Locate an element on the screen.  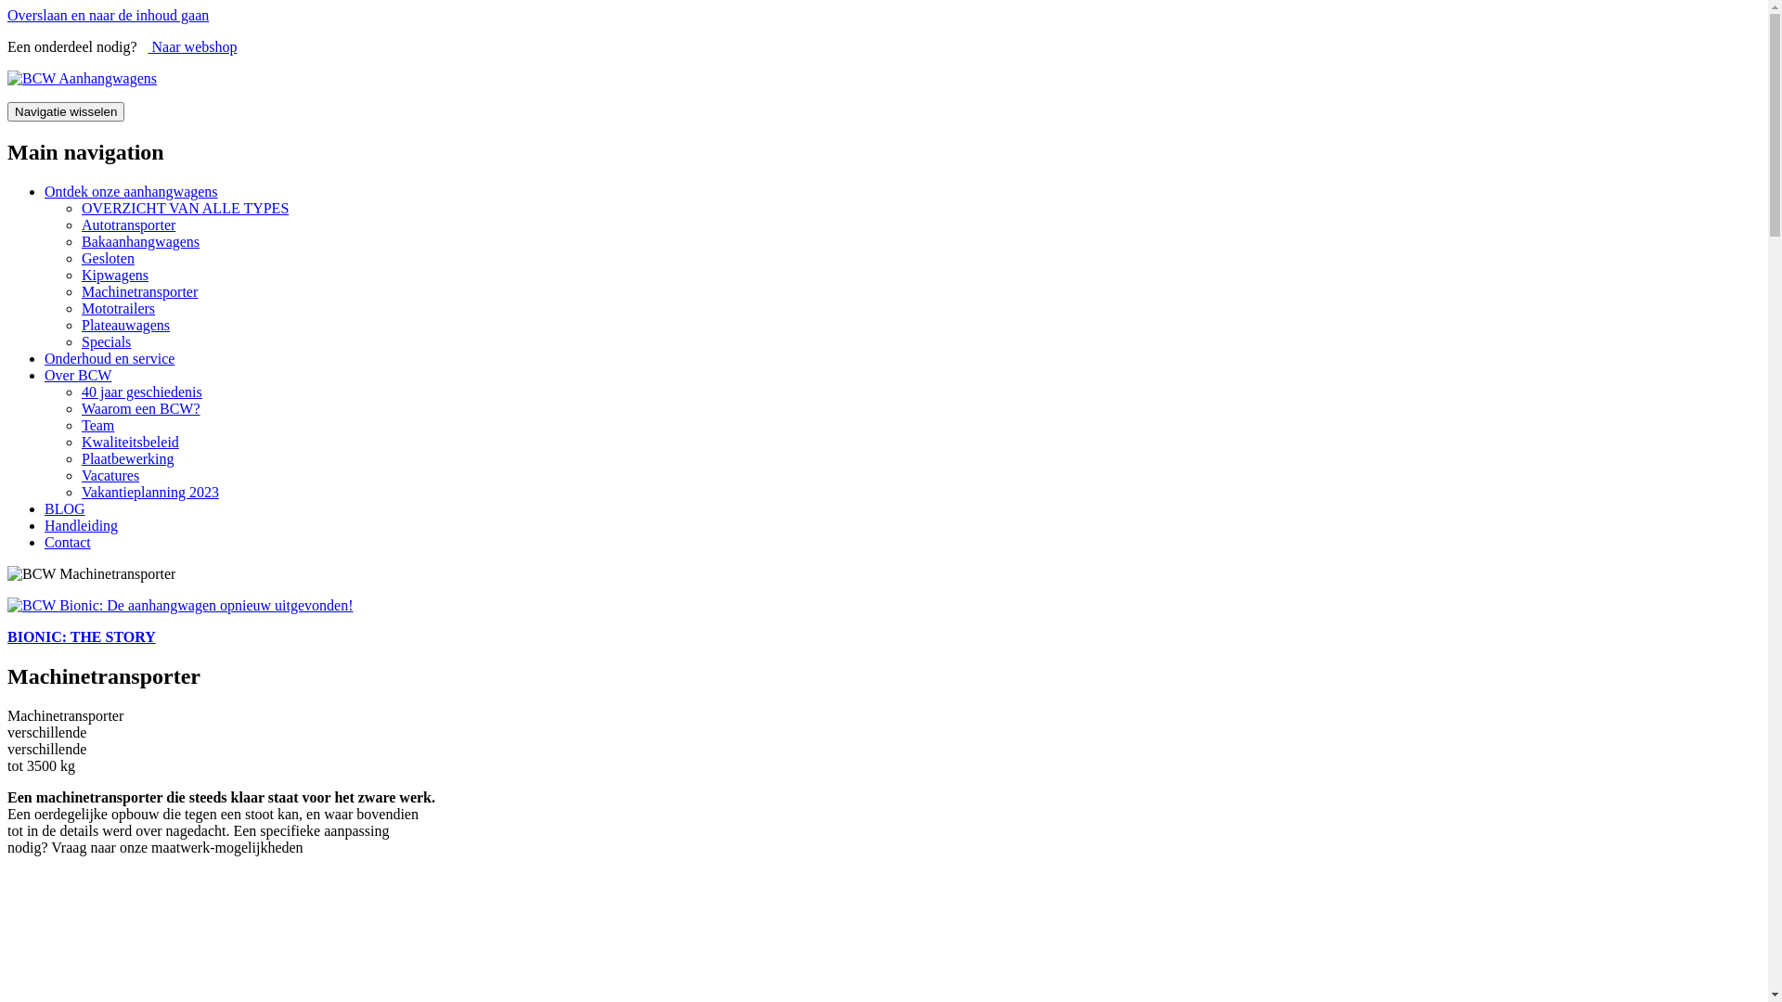
'Contact' is located at coordinates (67, 542).